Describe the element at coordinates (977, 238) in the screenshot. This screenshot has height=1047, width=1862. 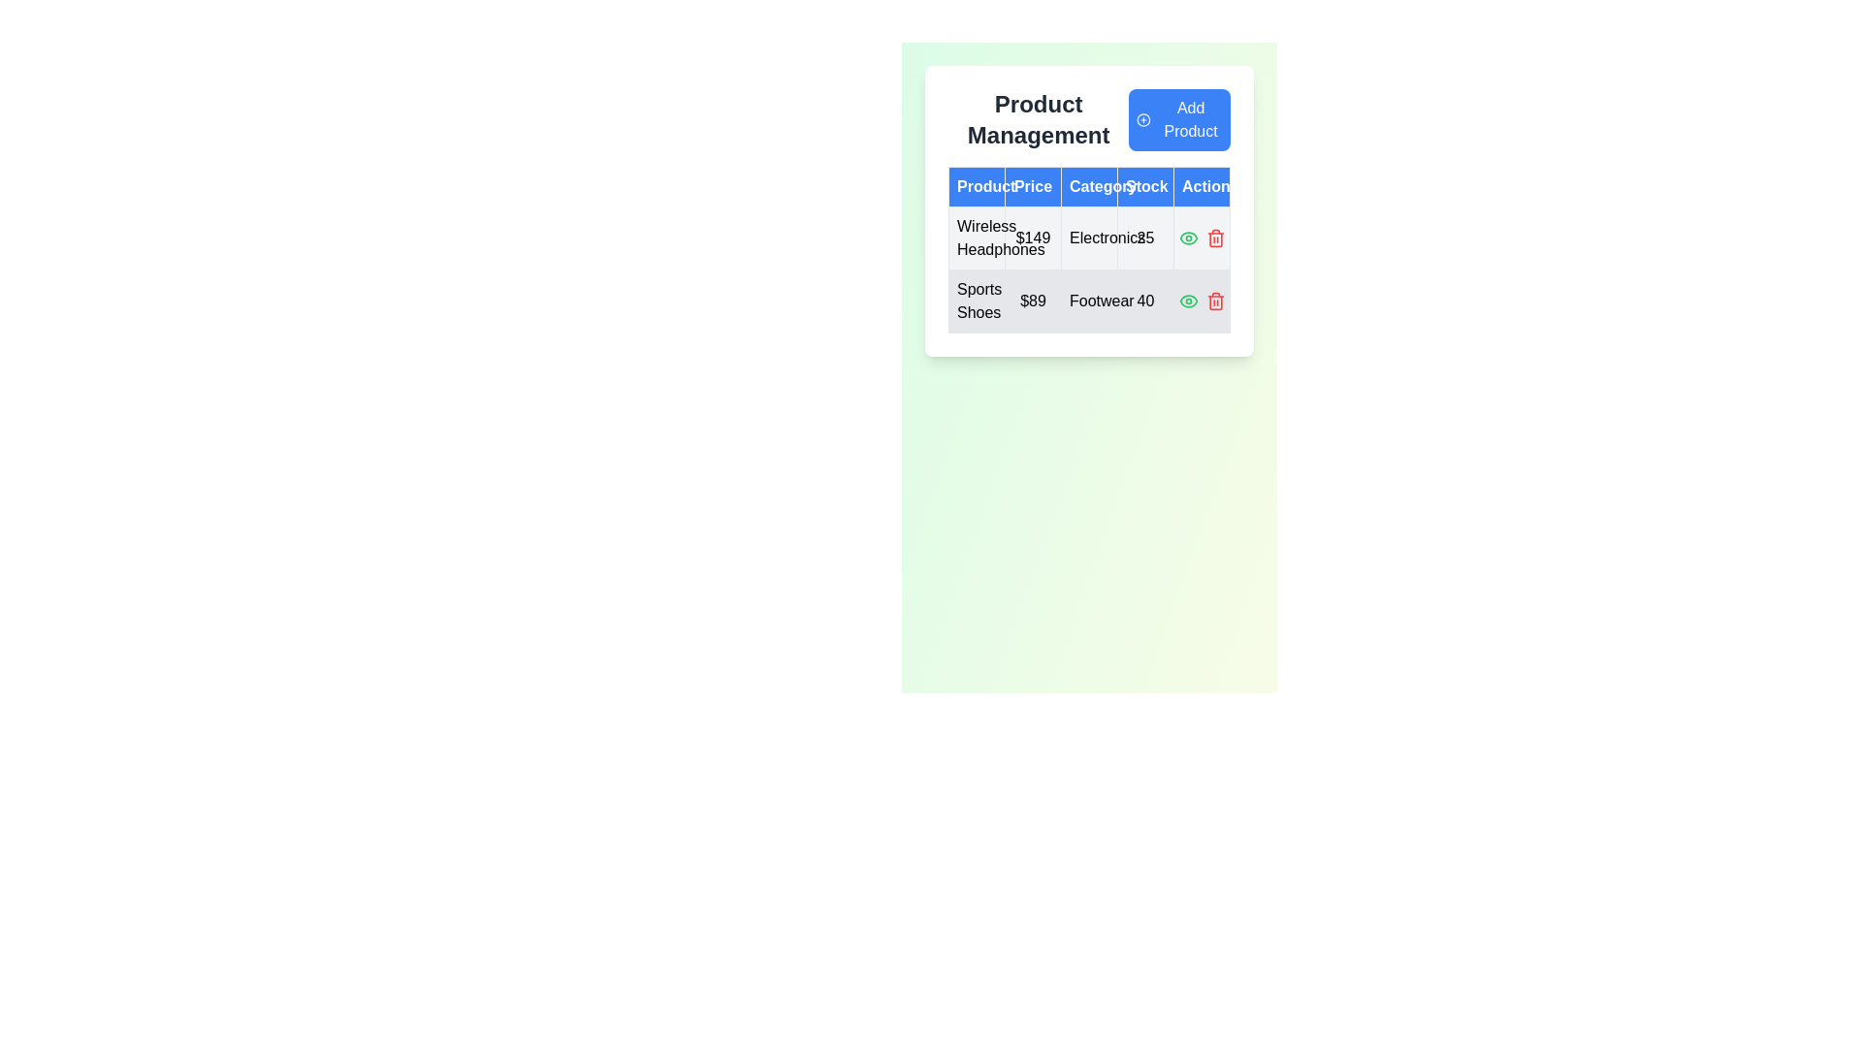
I see `the Text label displaying the product name, located in the first row of the table under the 'Product' heading` at that location.